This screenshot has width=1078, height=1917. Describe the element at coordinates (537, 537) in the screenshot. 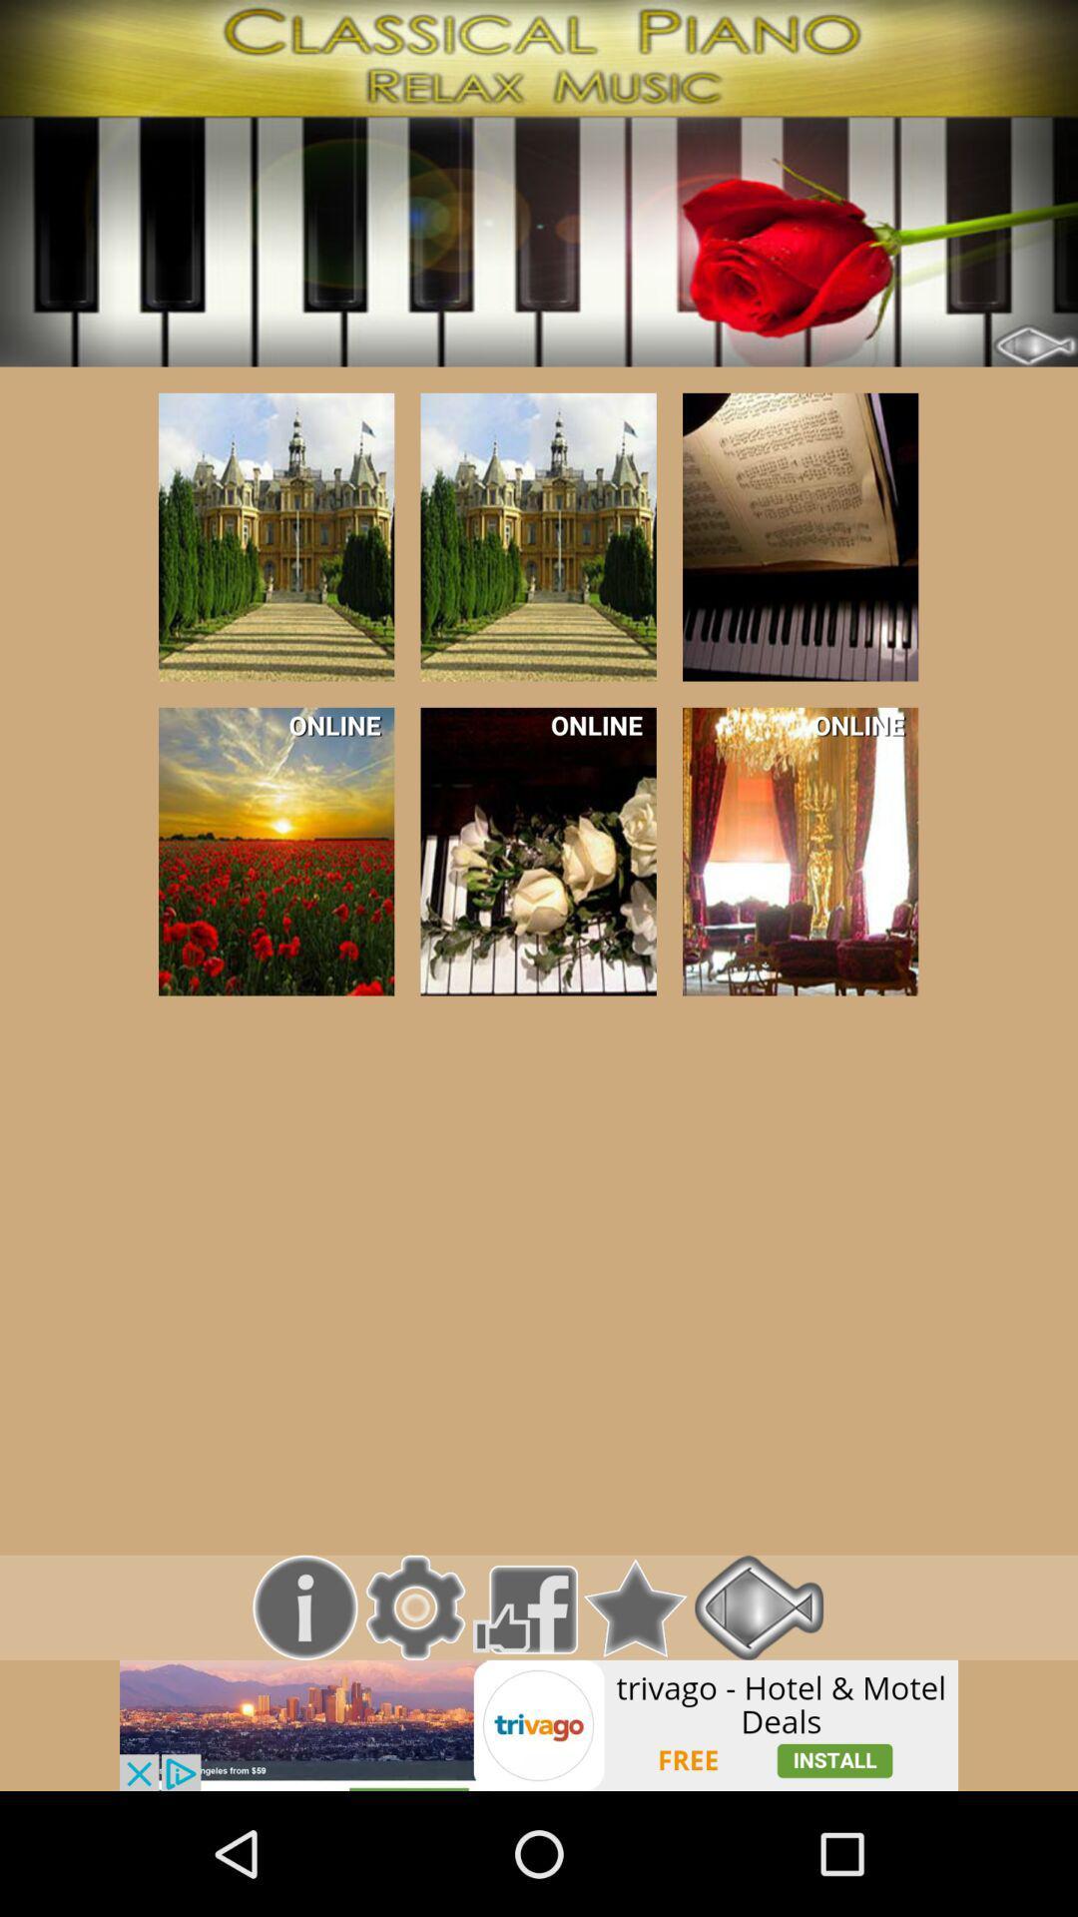

I see `click on image` at that location.